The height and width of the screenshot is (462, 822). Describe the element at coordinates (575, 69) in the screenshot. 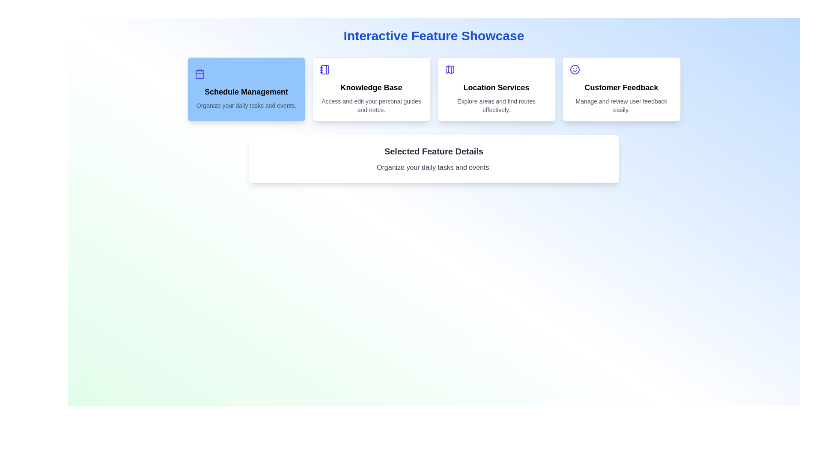

I see `the Circle element of the smiley face illustration in the 'Customer Feedback' card, located at the top-right corner of the interface` at that location.